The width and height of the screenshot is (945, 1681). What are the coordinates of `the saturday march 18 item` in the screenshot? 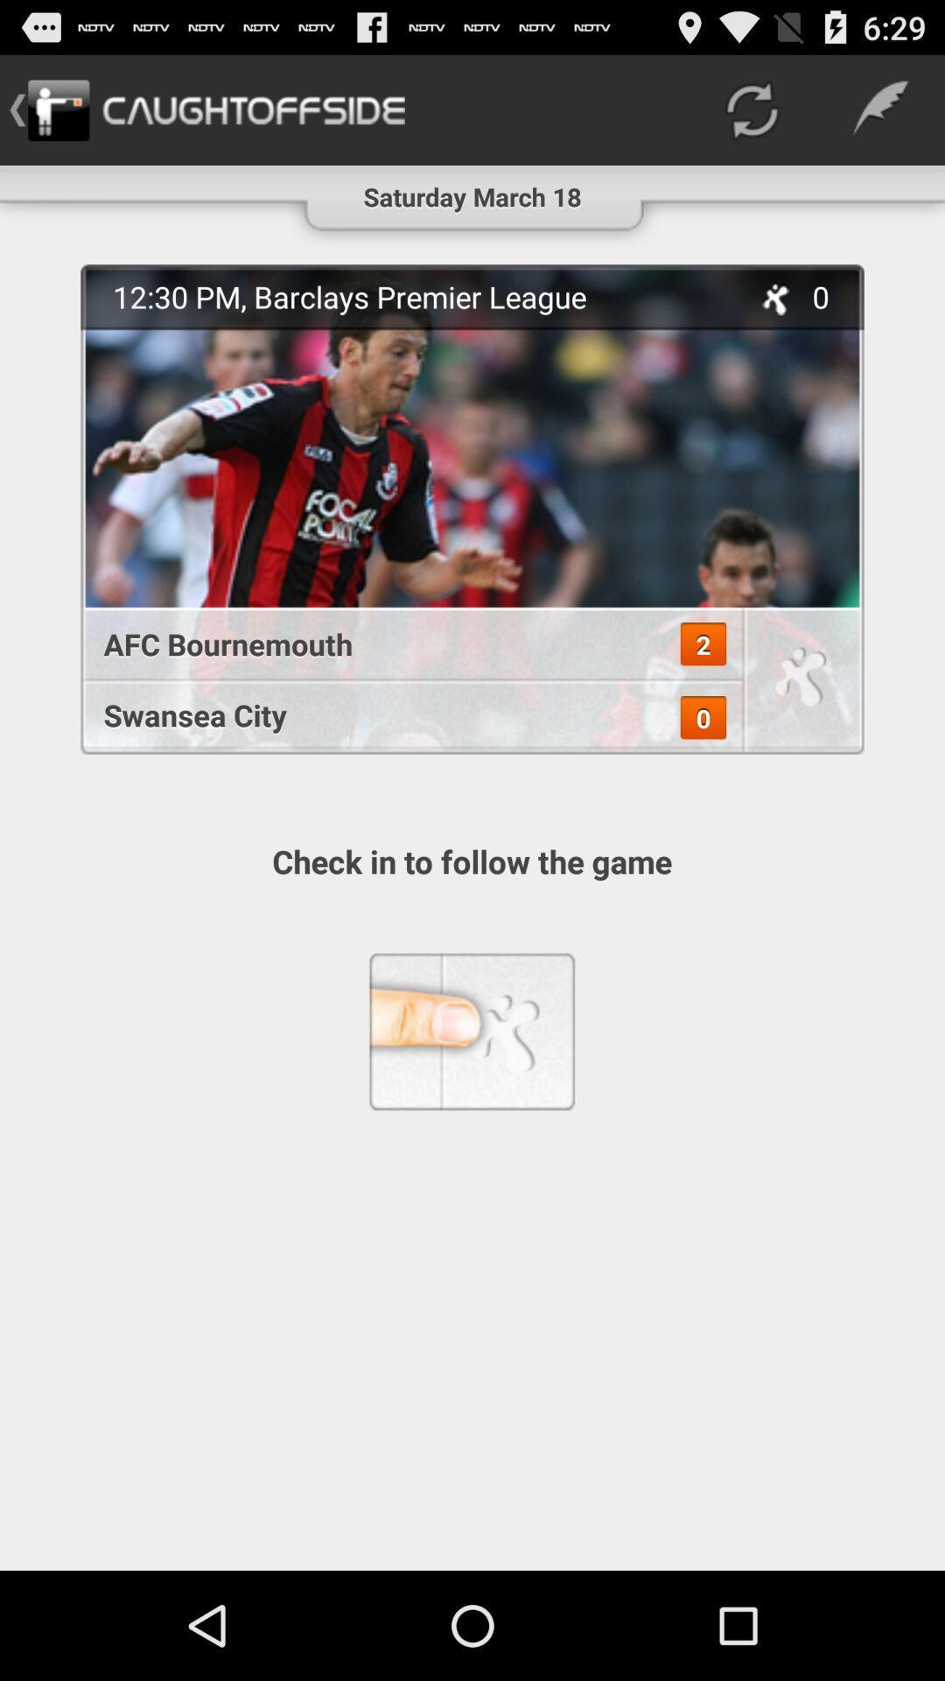 It's located at (472, 189).